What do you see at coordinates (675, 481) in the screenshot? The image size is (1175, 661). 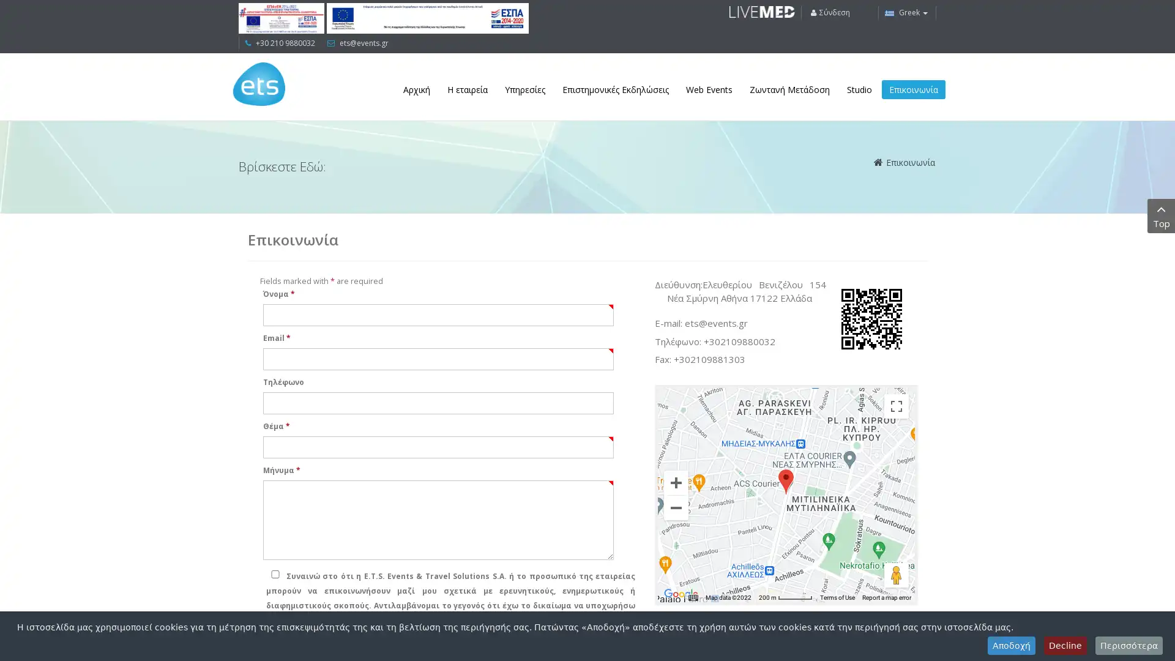 I see `Zoom in` at bounding box center [675, 481].